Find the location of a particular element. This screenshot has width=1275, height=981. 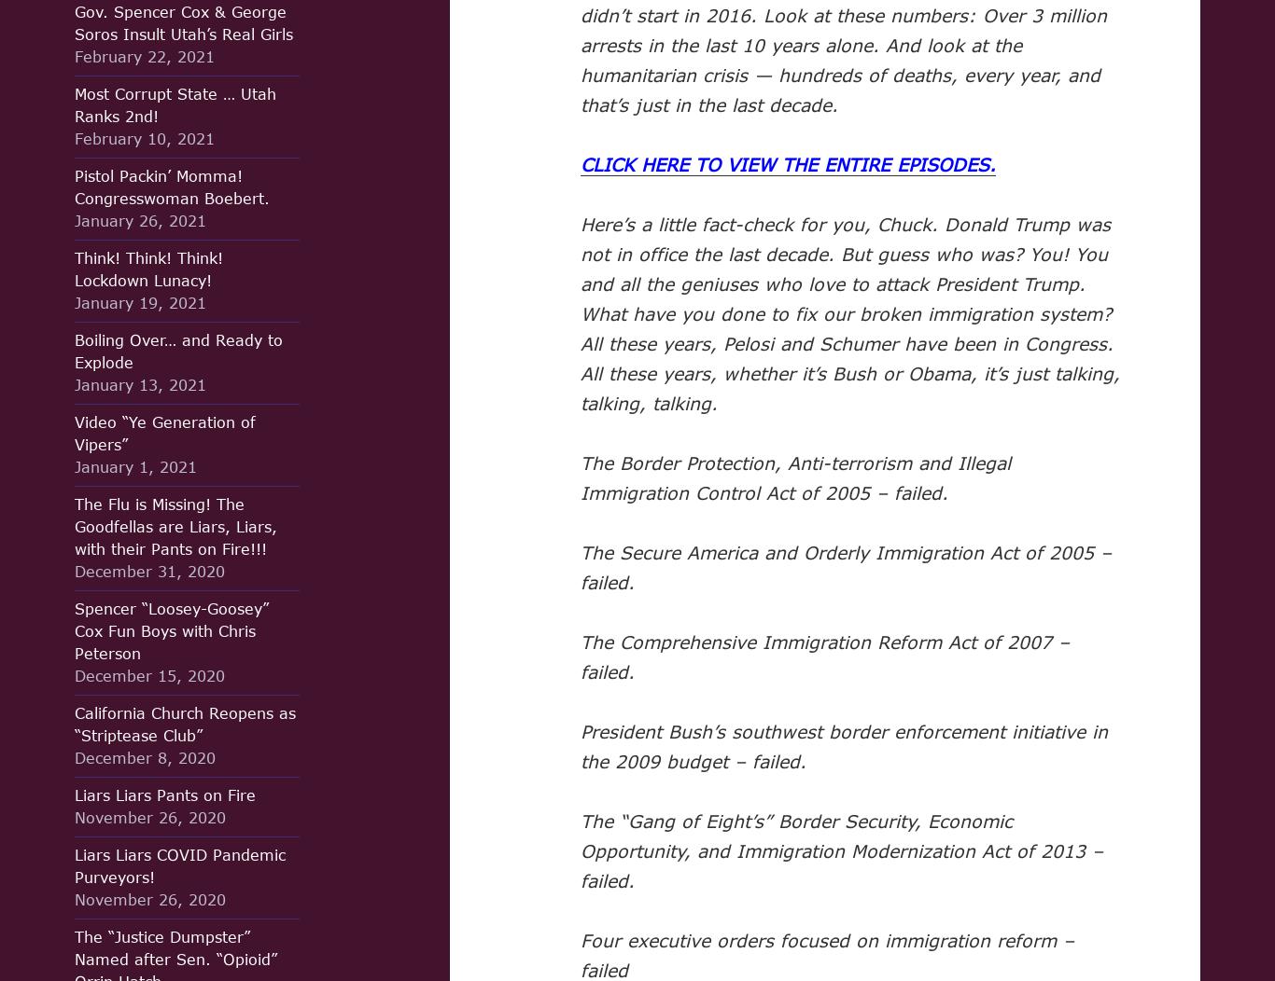

'Here’s a little fact-check for you, Chuck. Donald Trump was not in office the last decade. But guess who was? You! You and all the geniuses who love to attack President Trump. What have you done to fix our broken immigration system? All these years, Pelosi and Schumer have been in Congress. All these years, whether it’s Bush or Obama, it’s just talking, talking, talking.' is located at coordinates (848, 312).